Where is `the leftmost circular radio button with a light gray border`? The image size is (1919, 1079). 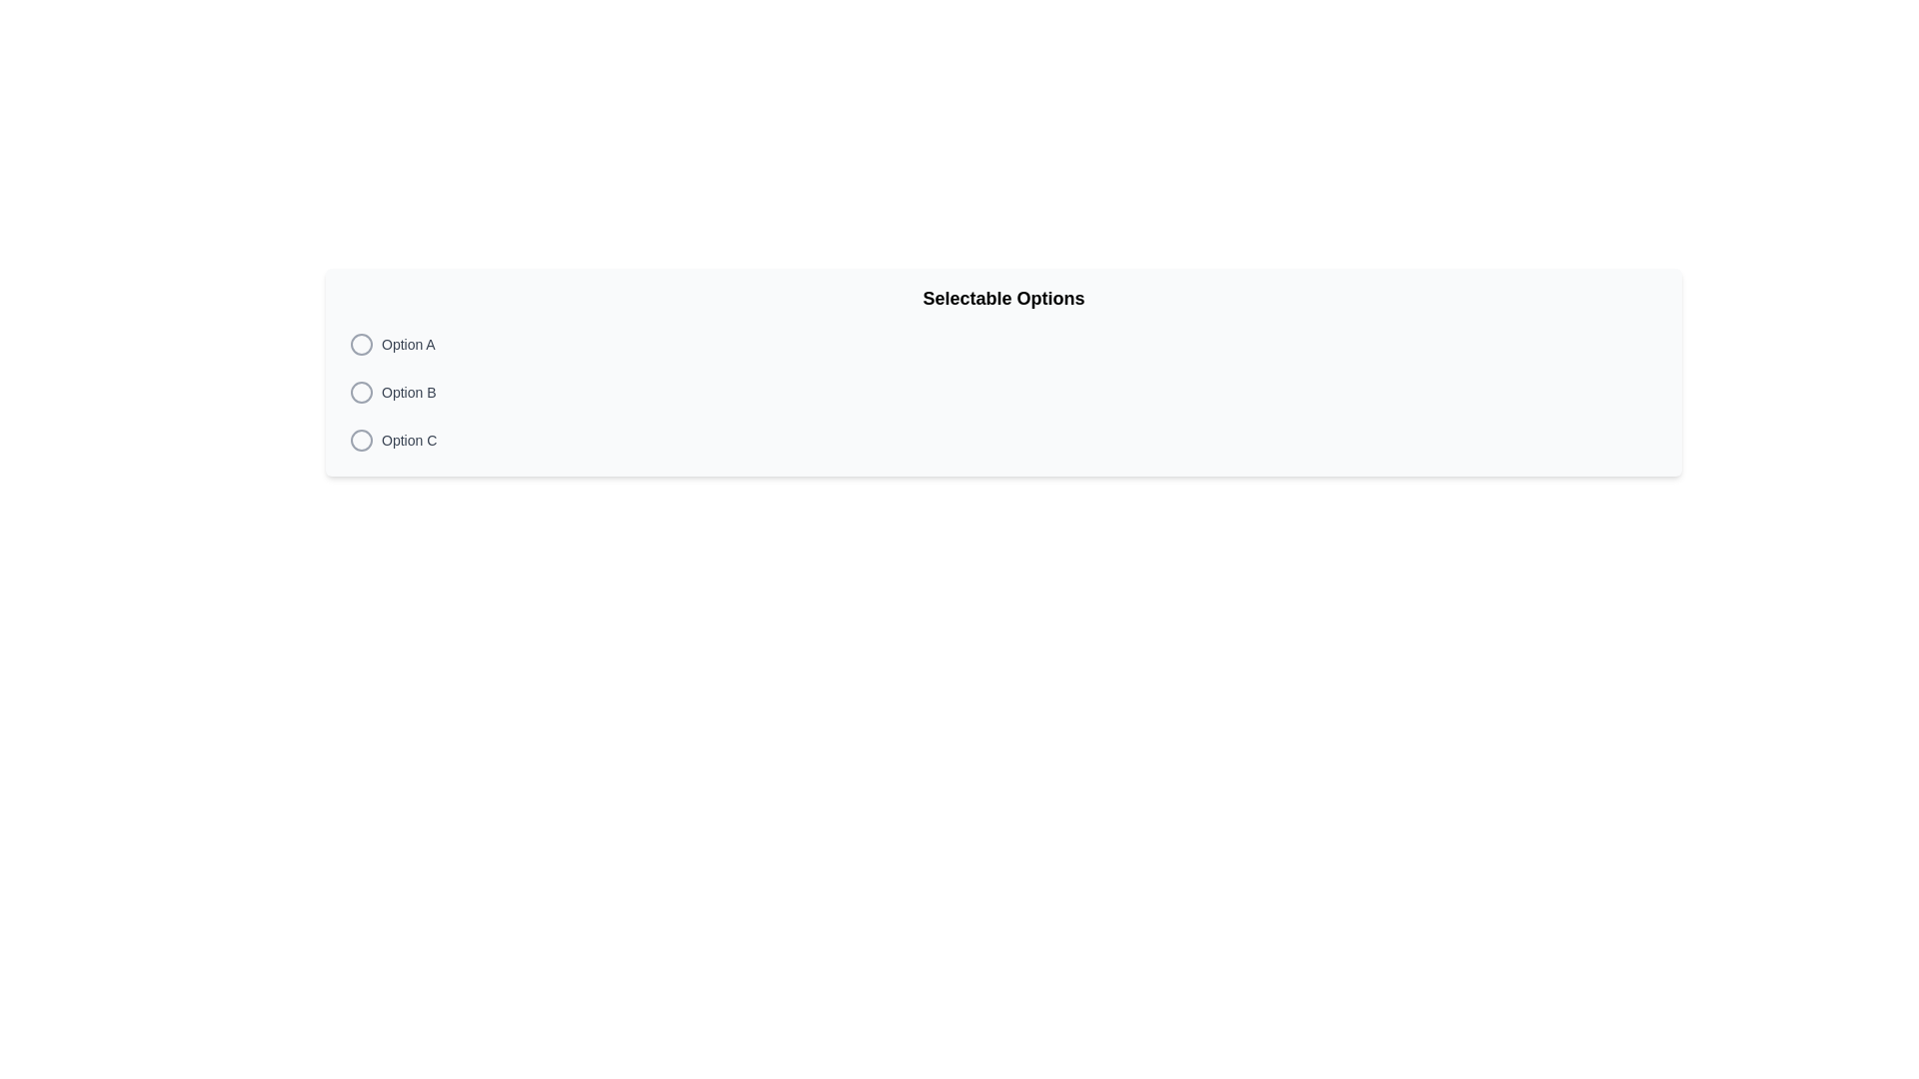
the leftmost circular radio button with a light gray border is located at coordinates (361, 343).